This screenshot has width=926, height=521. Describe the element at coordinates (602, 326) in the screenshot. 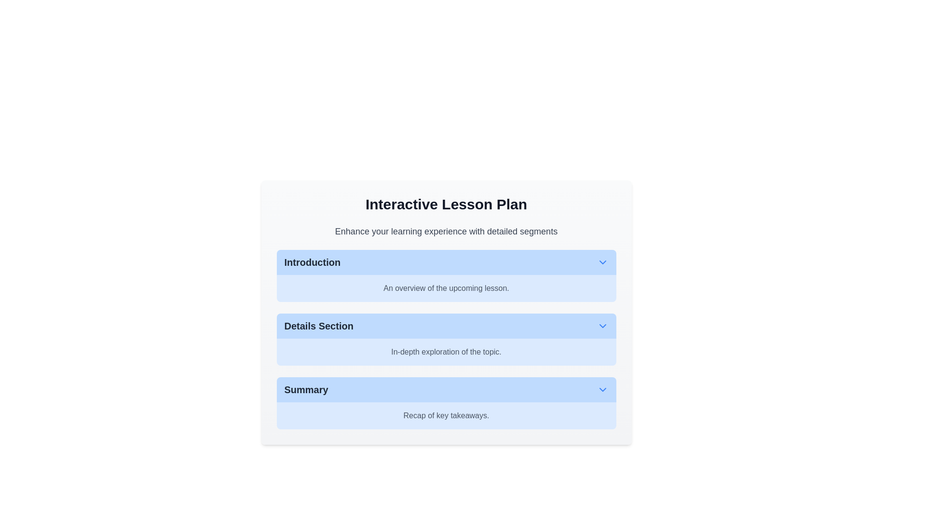

I see `the icon at the far-right edge of the 'Details Section'` at that location.